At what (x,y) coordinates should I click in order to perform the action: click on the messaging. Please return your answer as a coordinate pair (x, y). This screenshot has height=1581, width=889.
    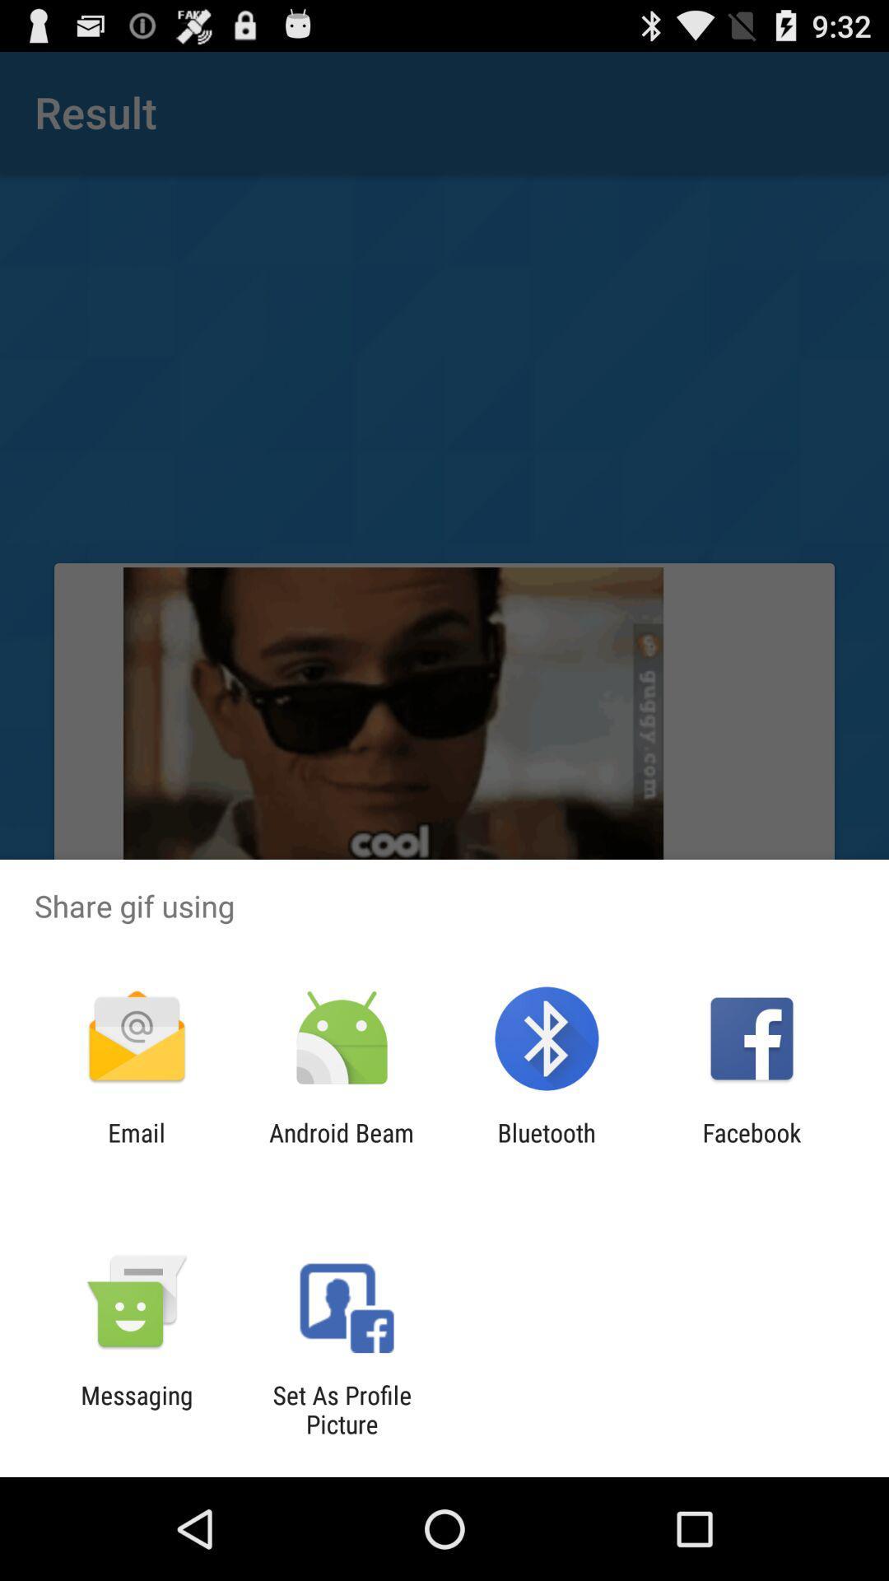
    Looking at the image, I should click on (136, 1409).